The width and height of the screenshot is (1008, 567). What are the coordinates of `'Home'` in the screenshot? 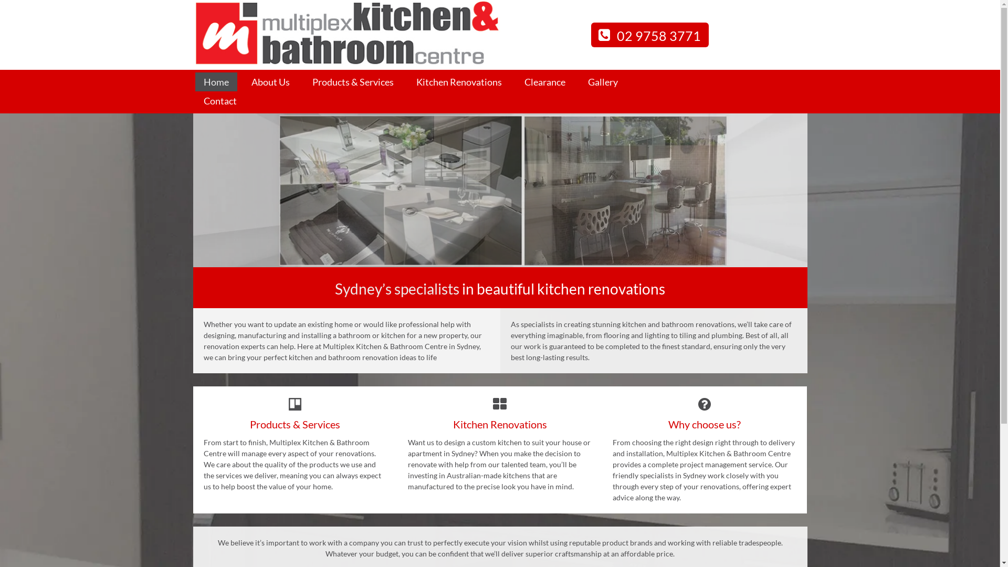 It's located at (195, 81).